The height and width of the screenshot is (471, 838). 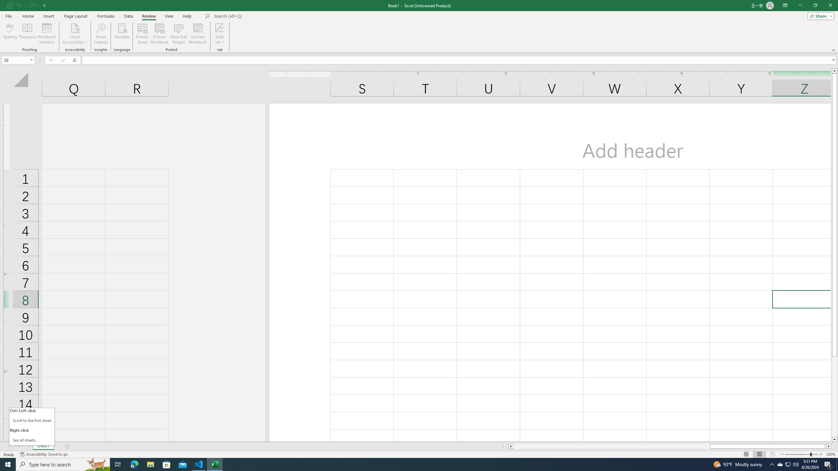 What do you see at coordinates (143, 34) in the screenshot?
I see `'Protect Sheet...'` at bounding box center [143, 34].